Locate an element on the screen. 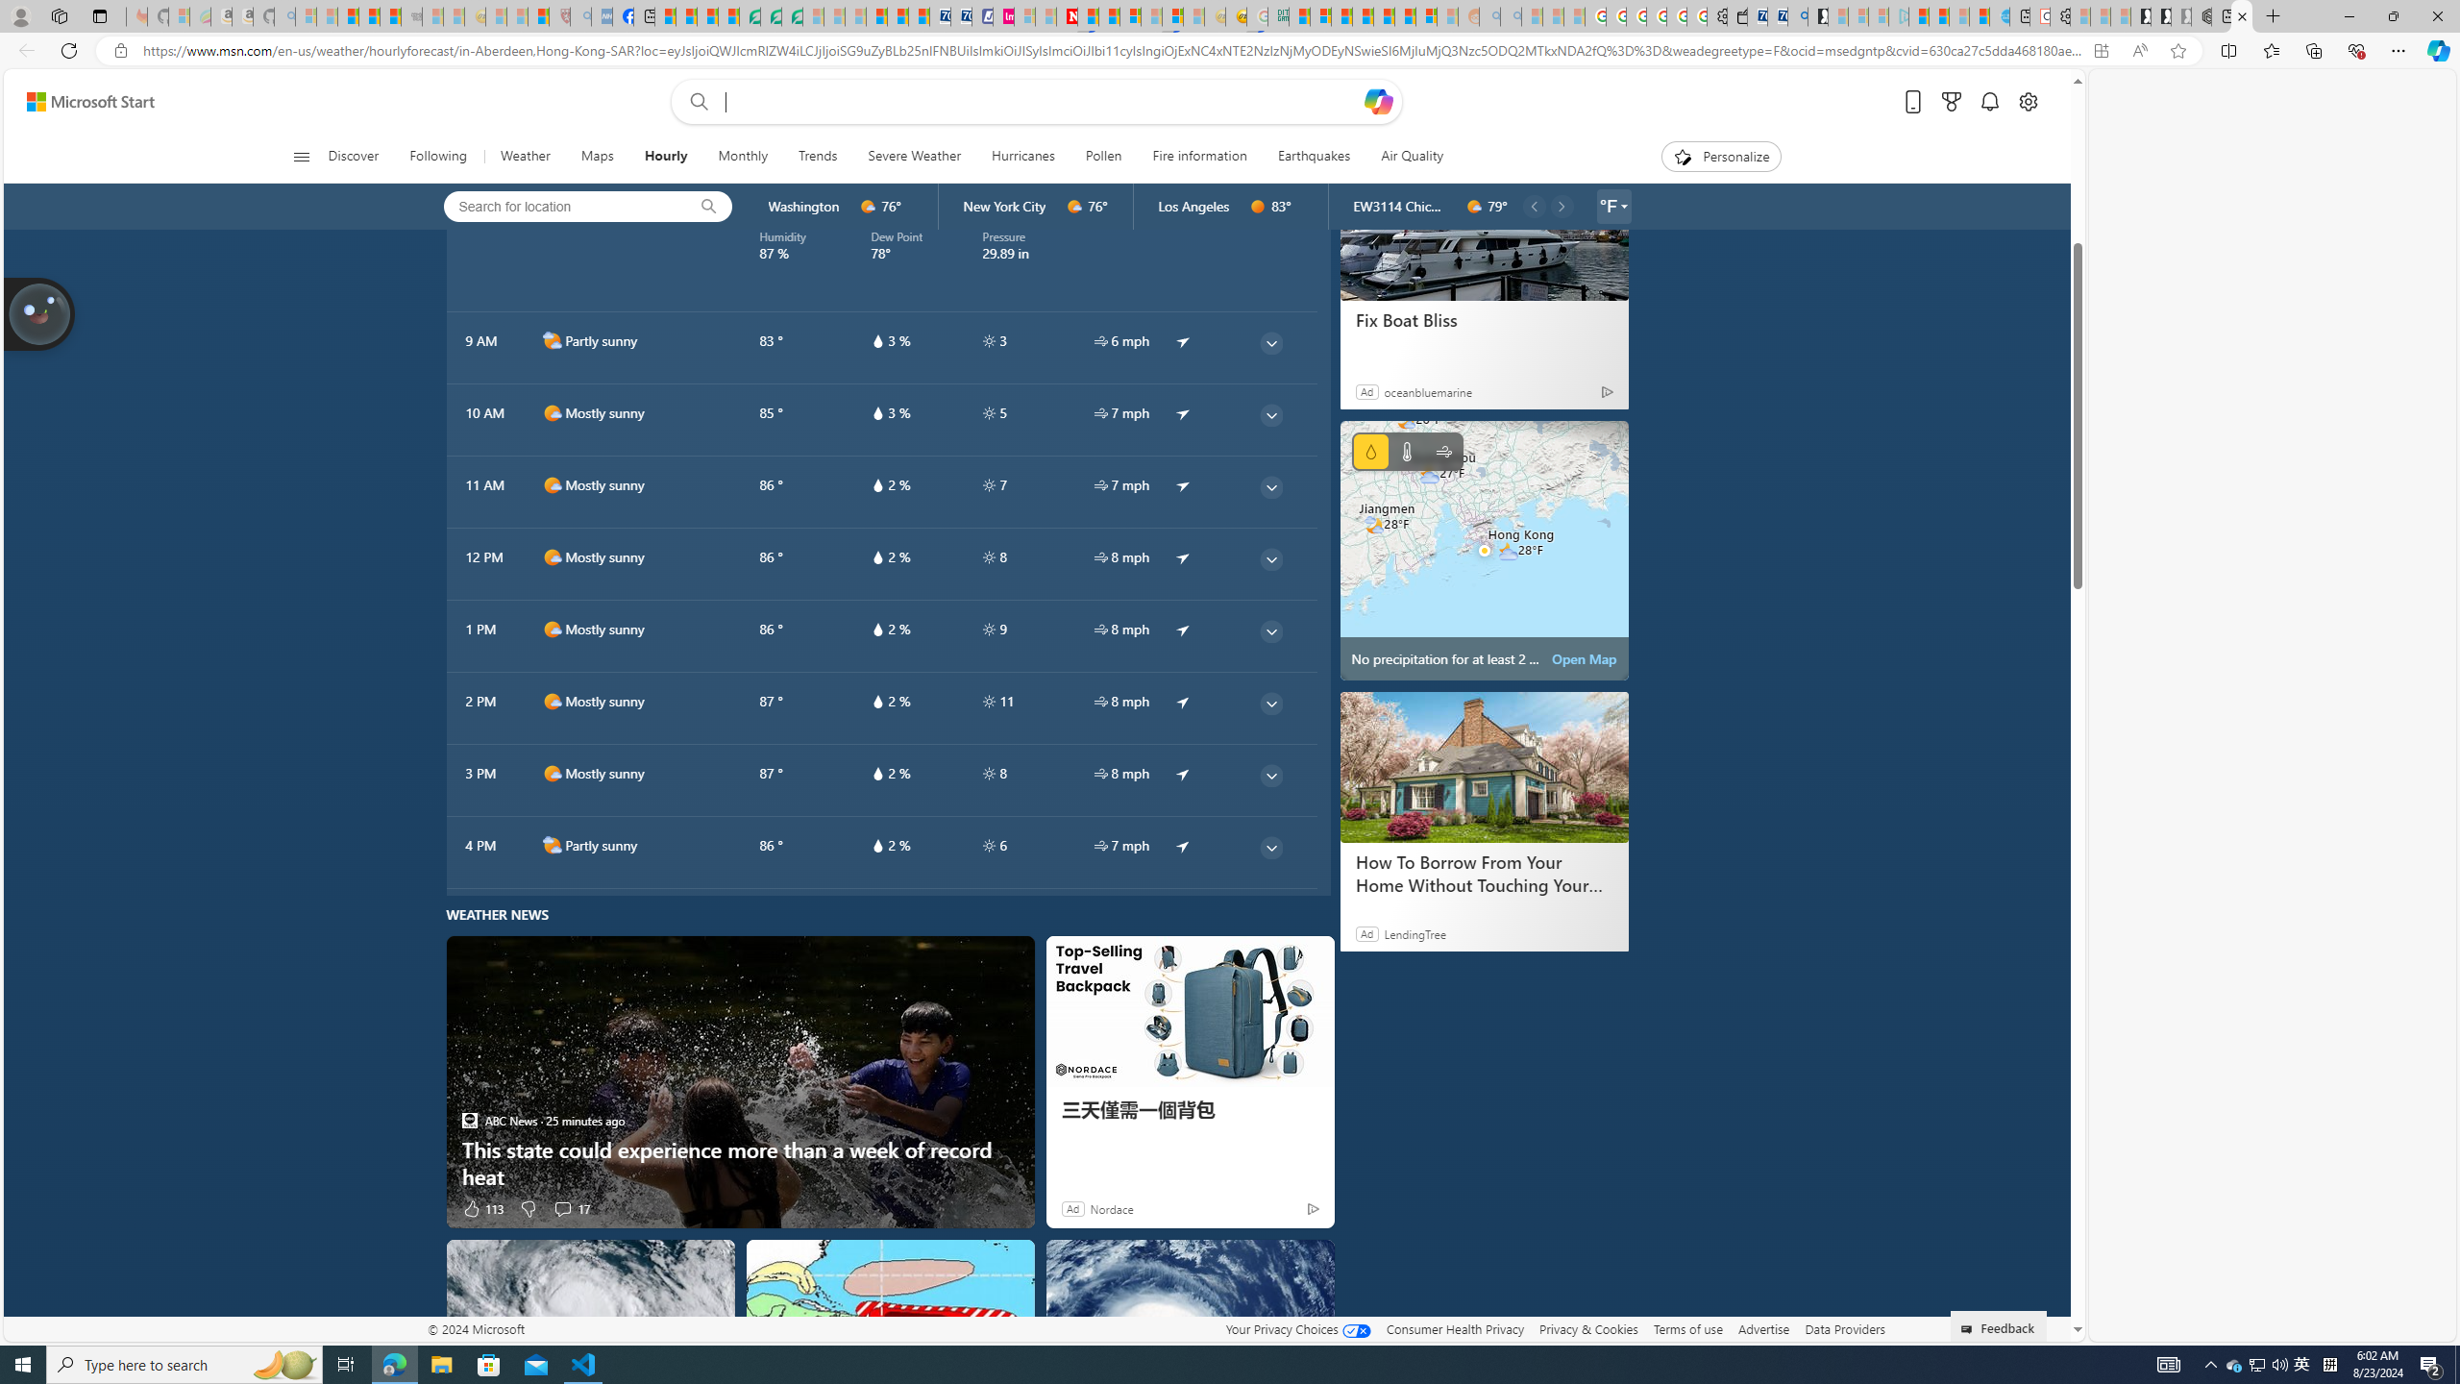 The height and width of the screenshot is (1384, 2460). 'New Report Confirms 2023 Was Record Hot | Watch' is located at coordinates (388, 15).